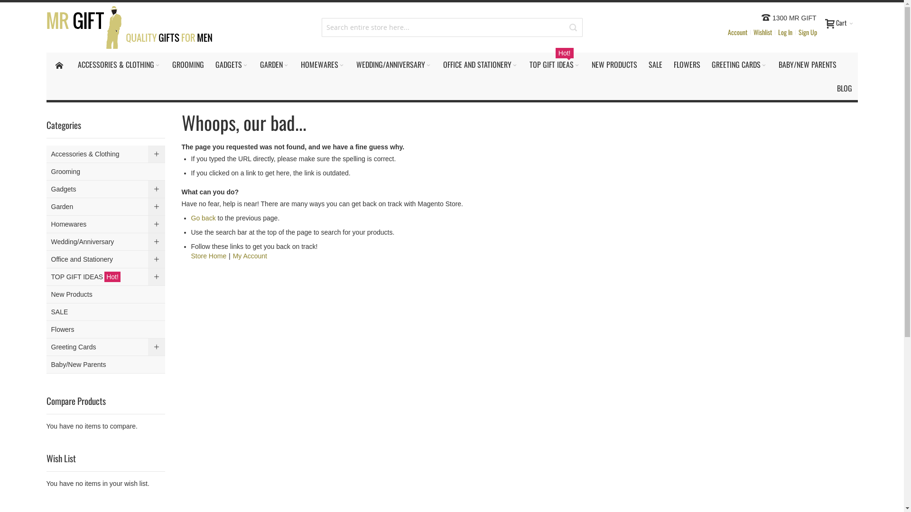 The image size is (911, 512). What do you see at coordinates (202, 218) in the screenshot?
I see `'Go back'` at bounding box center [202, 218].